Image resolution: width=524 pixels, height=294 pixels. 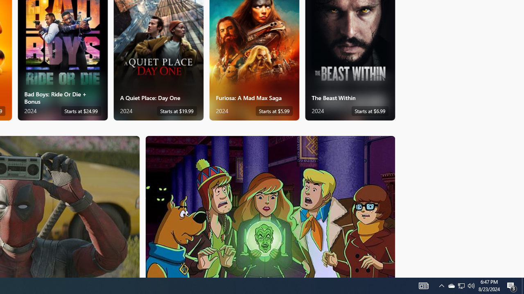 I want to click on 'Family', so click(x=270, y=206).